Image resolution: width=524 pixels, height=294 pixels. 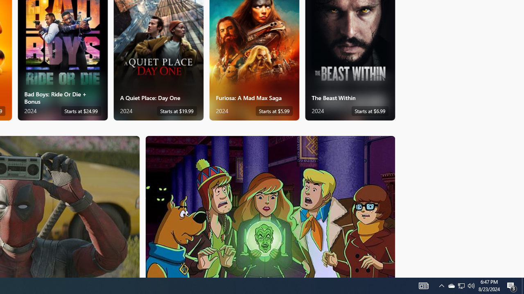 I want to click on 'Family', so click(x=270, y=206).